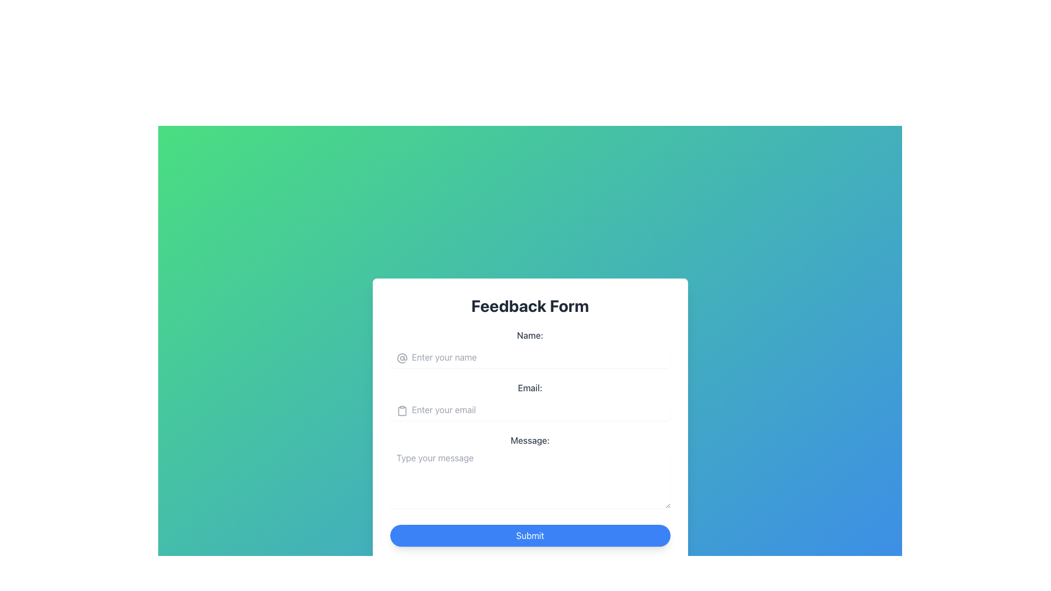 The width and height of the screenshot is (1051, 591). Describe the element at coordinates (530, 387) in the screenshot. I see `the text label that identifies the email input field, which is located at the top-middle of the form, directly above the email input and below the Name field` at that location.